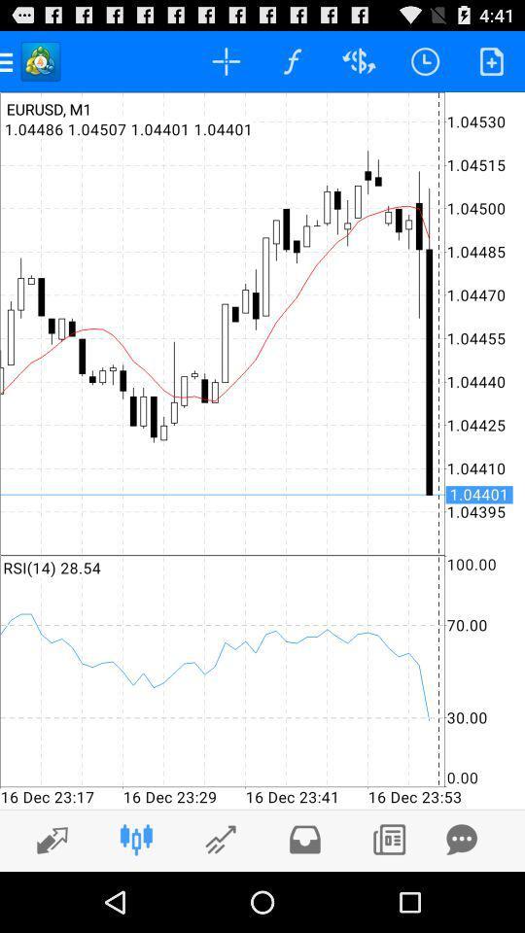  I want to click on the edit icon, so click(220, 898).